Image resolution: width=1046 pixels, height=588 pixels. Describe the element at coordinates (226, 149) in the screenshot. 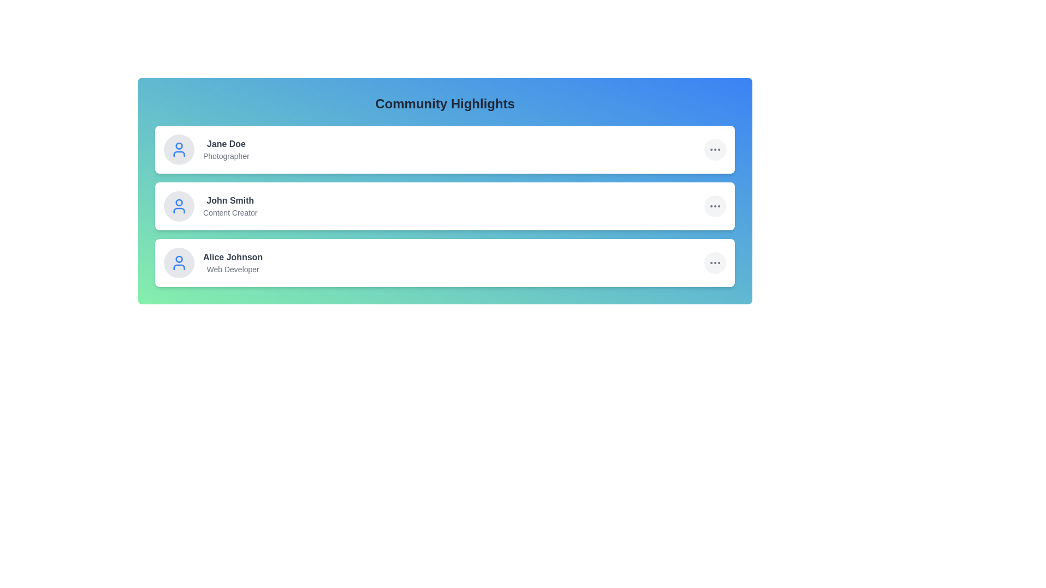

I see `the text display element that shows the name and occupation of a highlighted community member in the 'Community Highlights' section, located directly right of the blue user icon` at that location.